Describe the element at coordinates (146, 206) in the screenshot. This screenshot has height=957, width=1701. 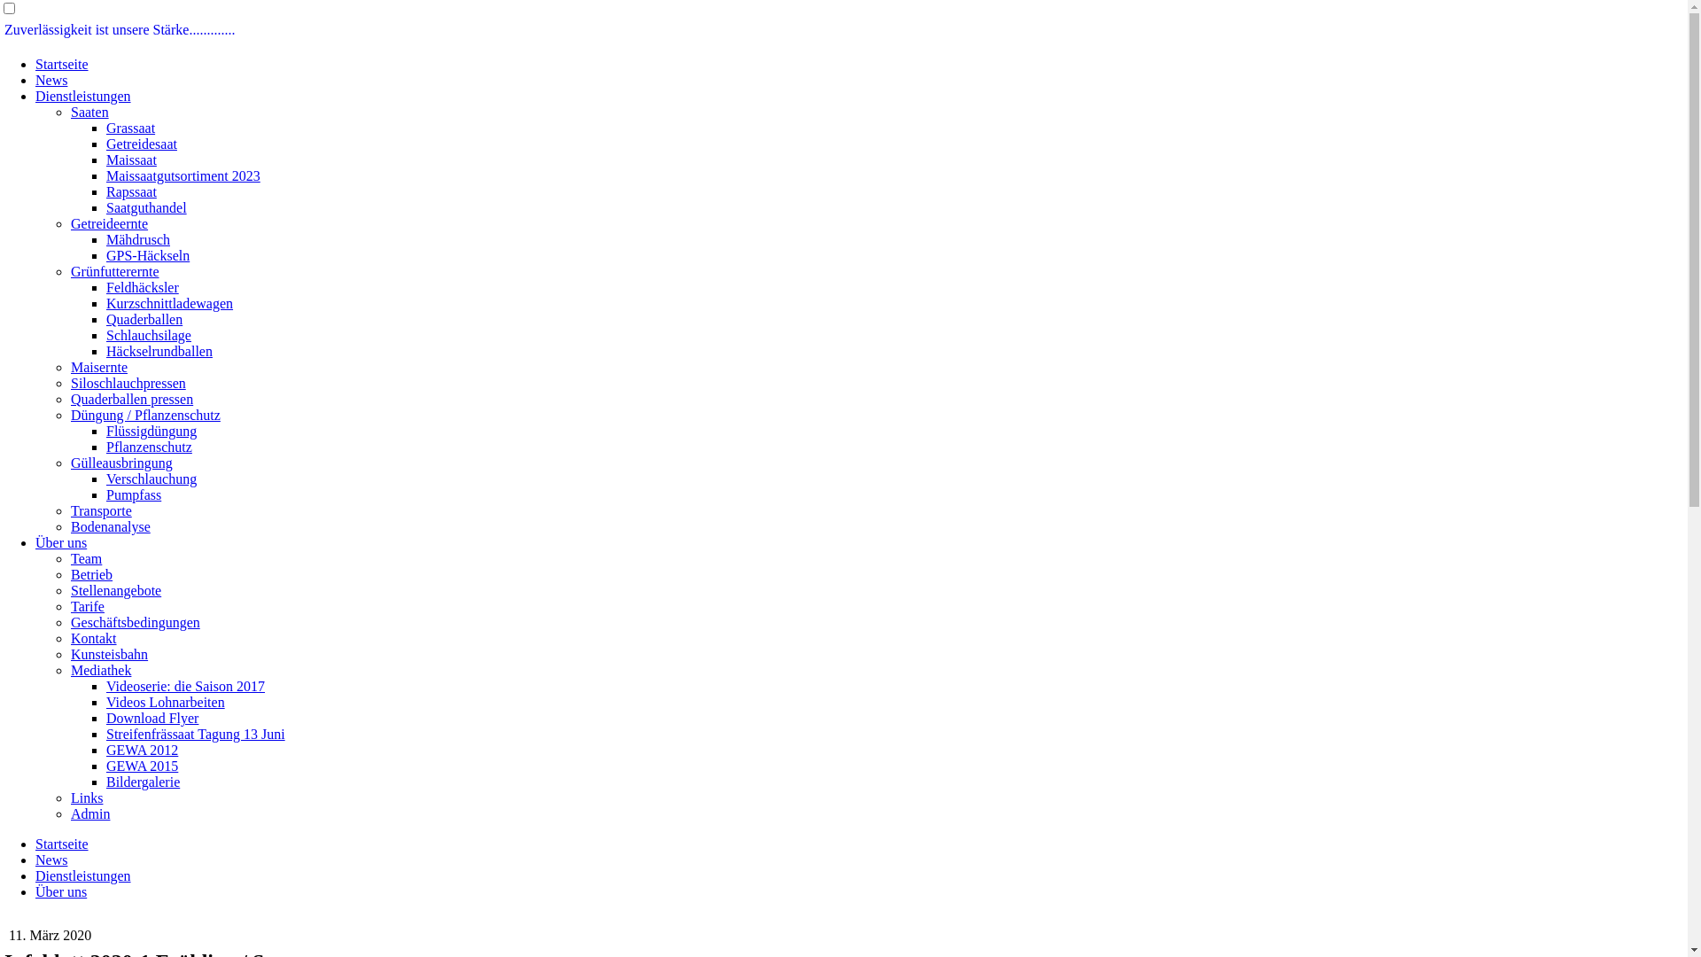
I see `'Saatguthandel'` at that location.